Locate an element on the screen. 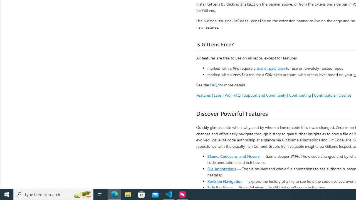  'Contributing' is located at coordinates (300, 95).